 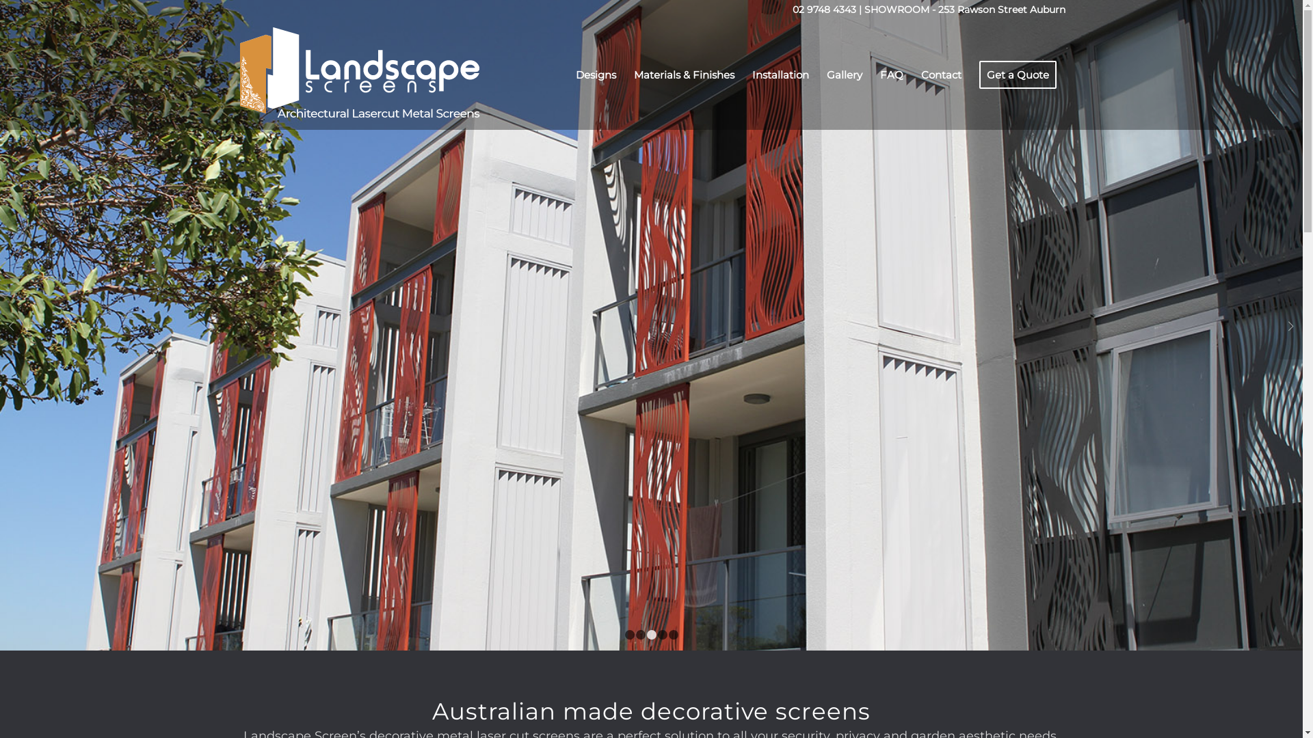 I want to click on '4', so click(x=663, y=635).